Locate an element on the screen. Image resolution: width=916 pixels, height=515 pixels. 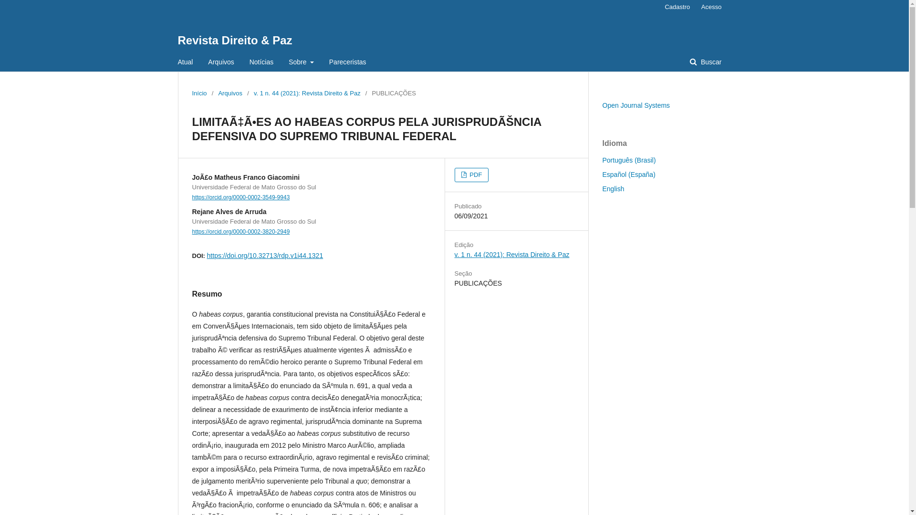
'v. 1 n. 44 (2021): Revista Direito & Paz' is located at coordinates (453, 254).